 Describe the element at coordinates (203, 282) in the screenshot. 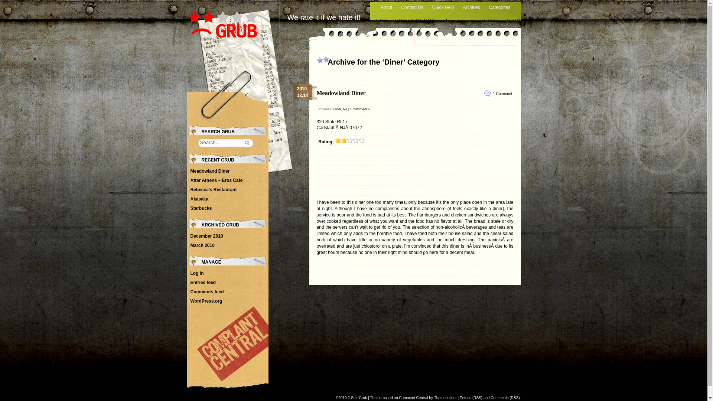

I see `'Entries feed'` at that location.